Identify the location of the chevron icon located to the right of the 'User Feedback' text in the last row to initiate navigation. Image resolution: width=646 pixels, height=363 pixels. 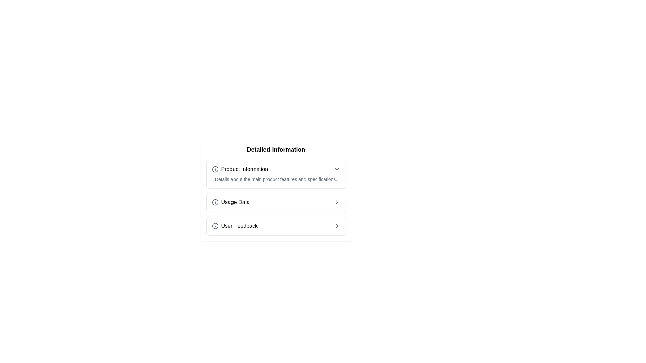
(337, 226).